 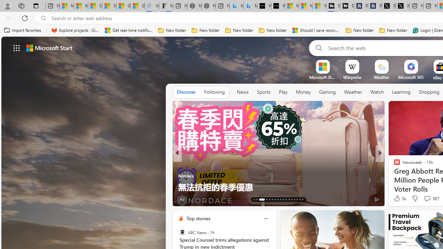 I want to click on 'AutomationID: tab-29', so click(x=302, y=200).